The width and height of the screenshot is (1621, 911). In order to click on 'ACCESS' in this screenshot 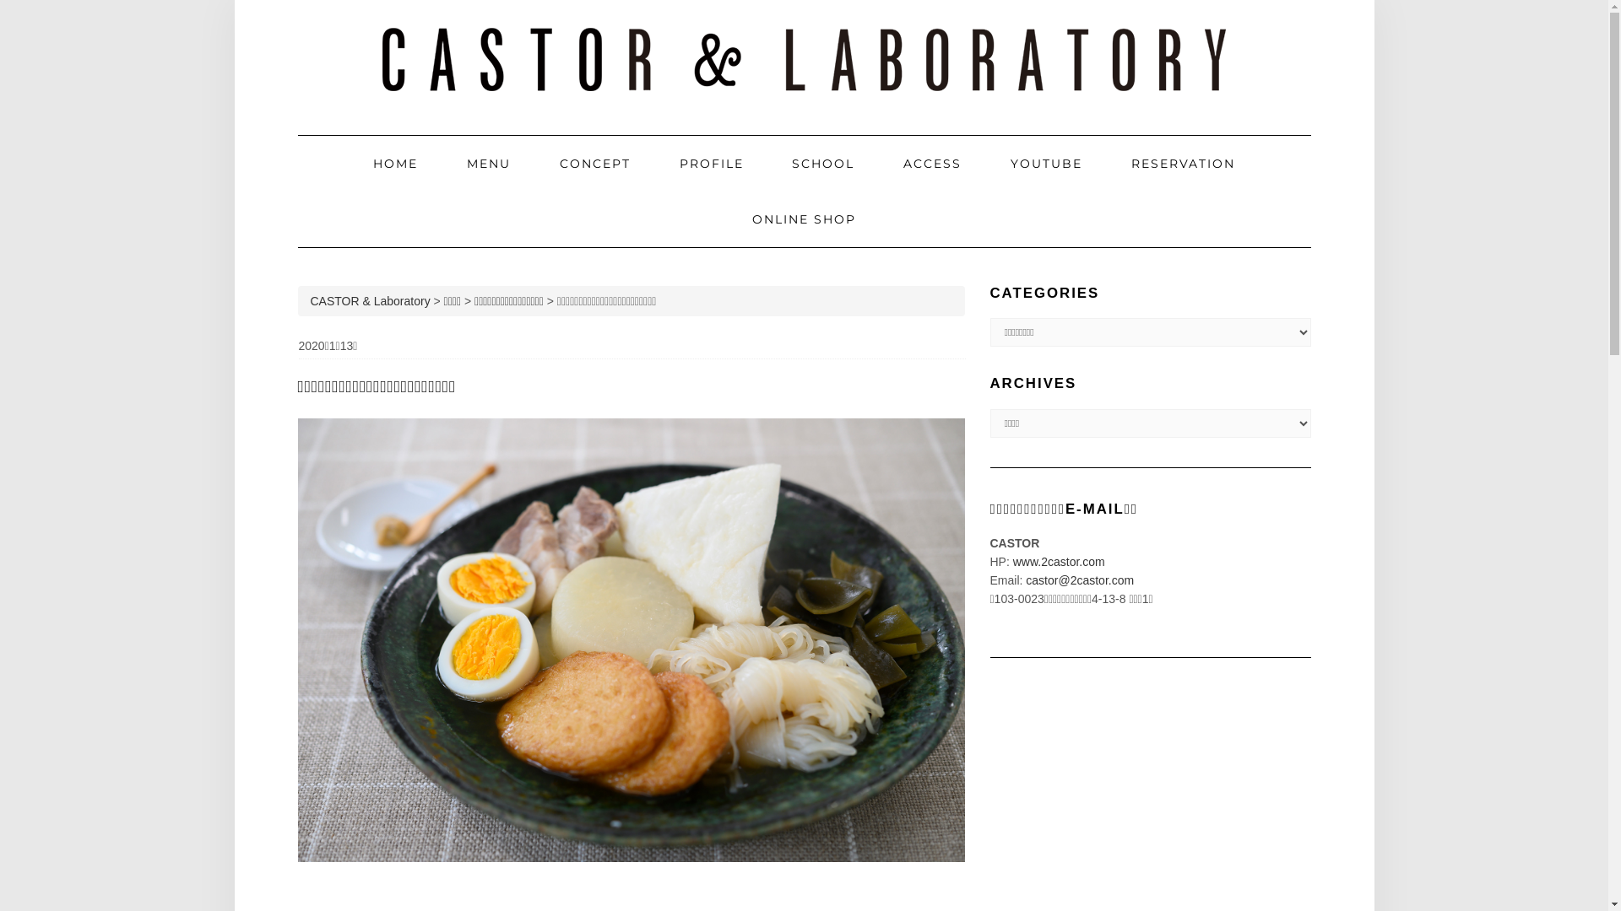, I will do `click(931, 163)`.